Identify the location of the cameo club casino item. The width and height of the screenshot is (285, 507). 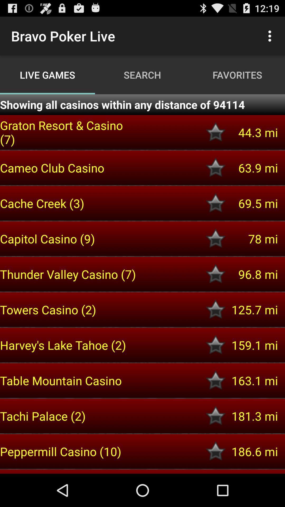
(69, 167).